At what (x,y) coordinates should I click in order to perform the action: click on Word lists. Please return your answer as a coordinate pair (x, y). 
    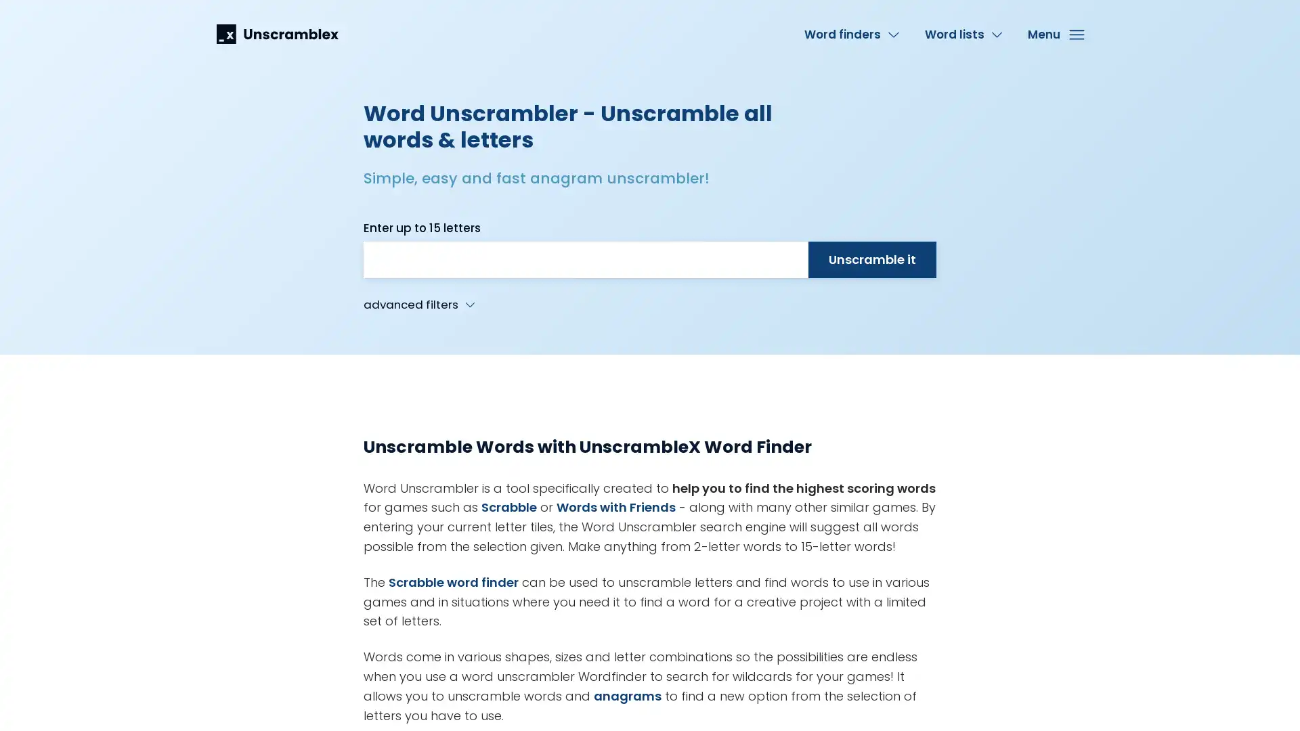
    Looking at the image, I should click on (962, 33).